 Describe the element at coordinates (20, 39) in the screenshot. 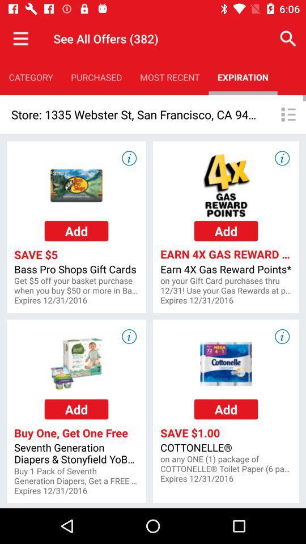

I see `the item to the left of the see all offers item` at that location.